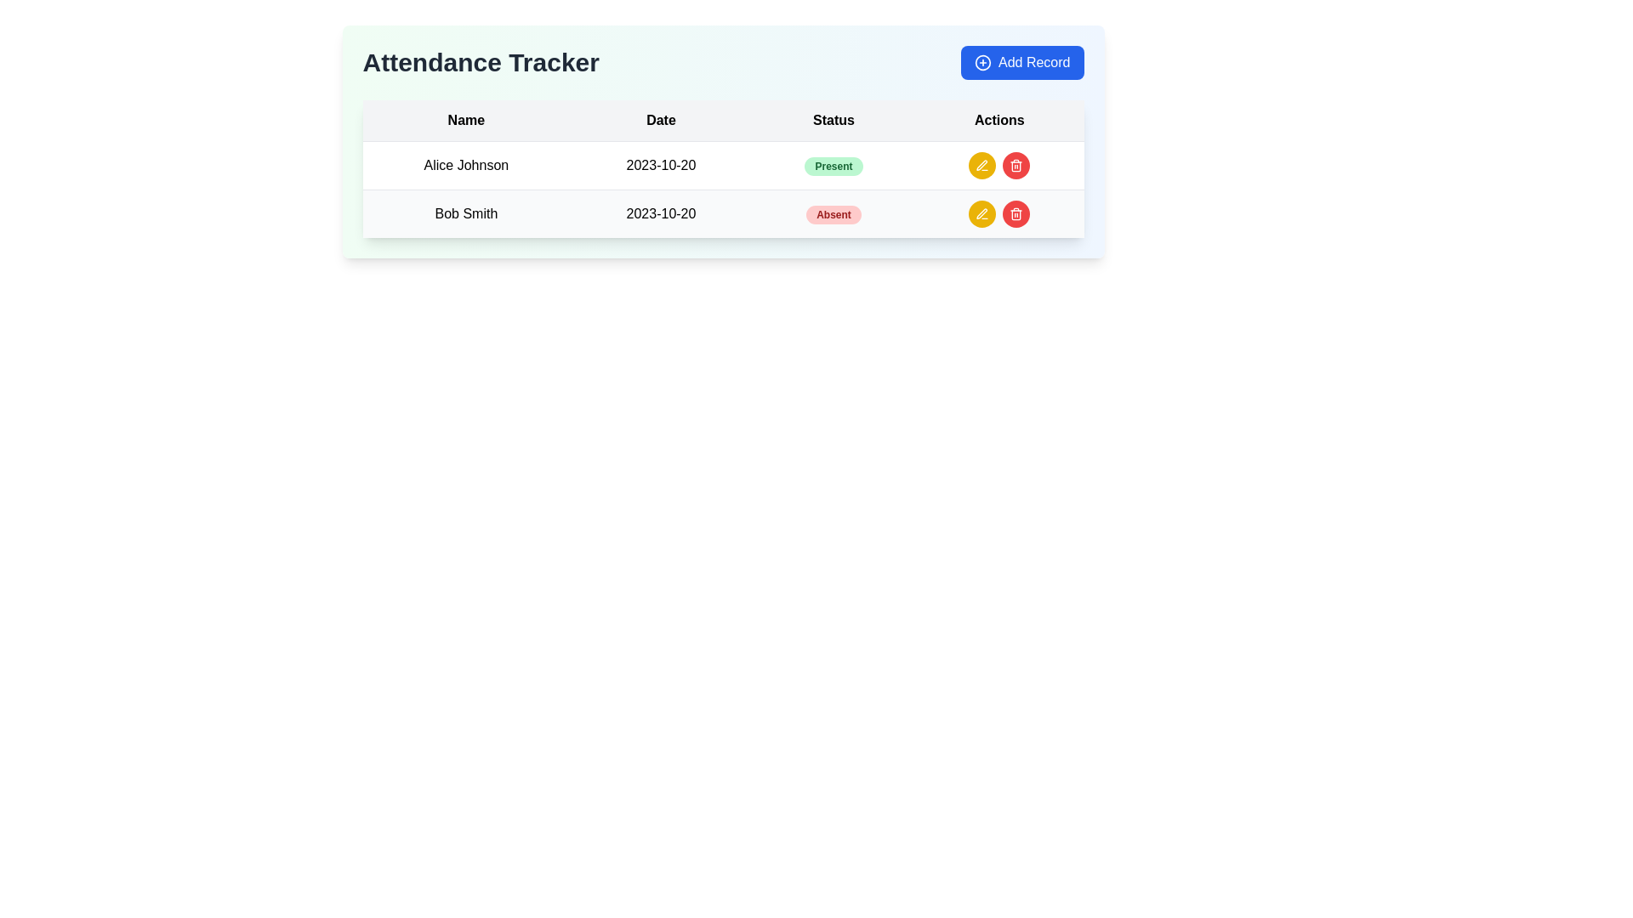  What do you see at coordinates (1016, 166) in the screenshot?
I see `the delete icon button located in the 'Actions' column of the second row in the table` at bounding box center [1016, 166].